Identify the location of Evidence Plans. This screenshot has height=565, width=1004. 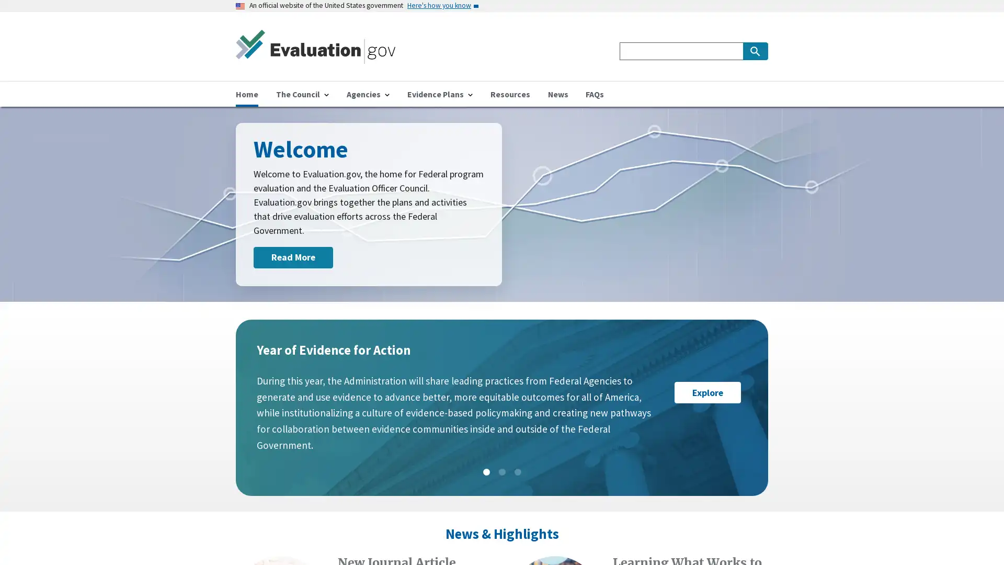
(439, 94).